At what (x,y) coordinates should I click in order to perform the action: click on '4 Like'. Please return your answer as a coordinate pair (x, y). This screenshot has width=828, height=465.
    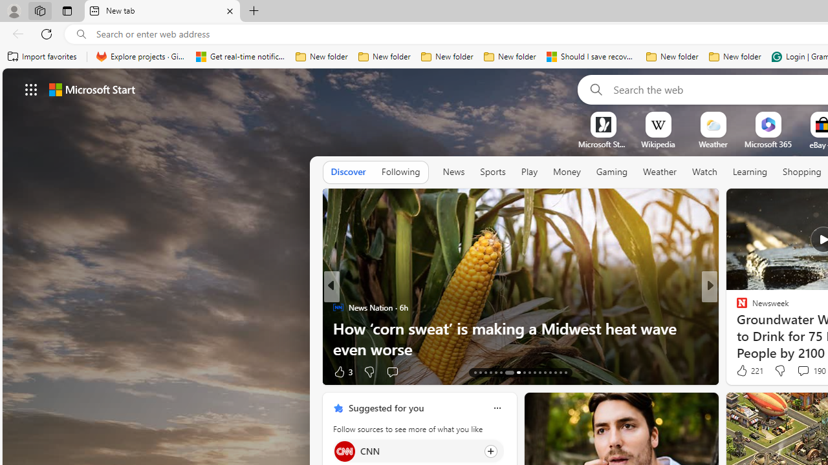
    Looking at the image, I should click on (741, 371).